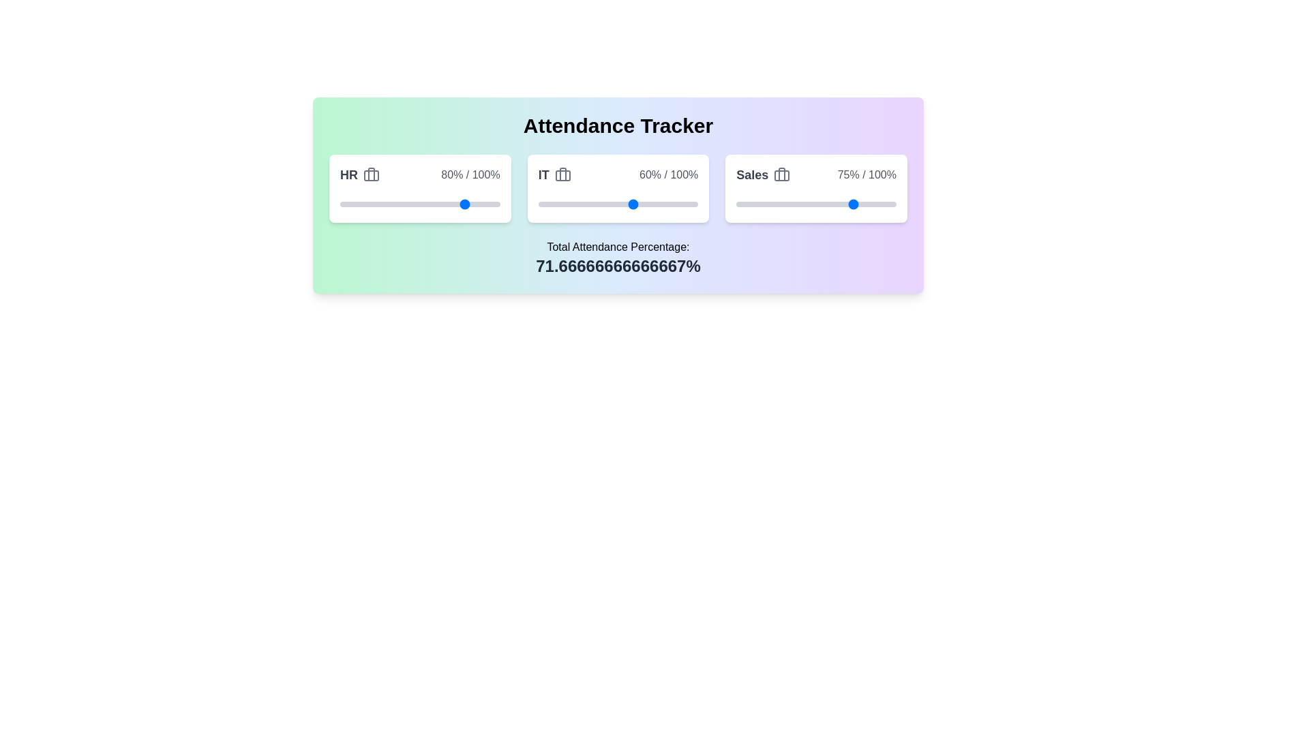  I want to click on the IT attendance slider, so click(554, 204).